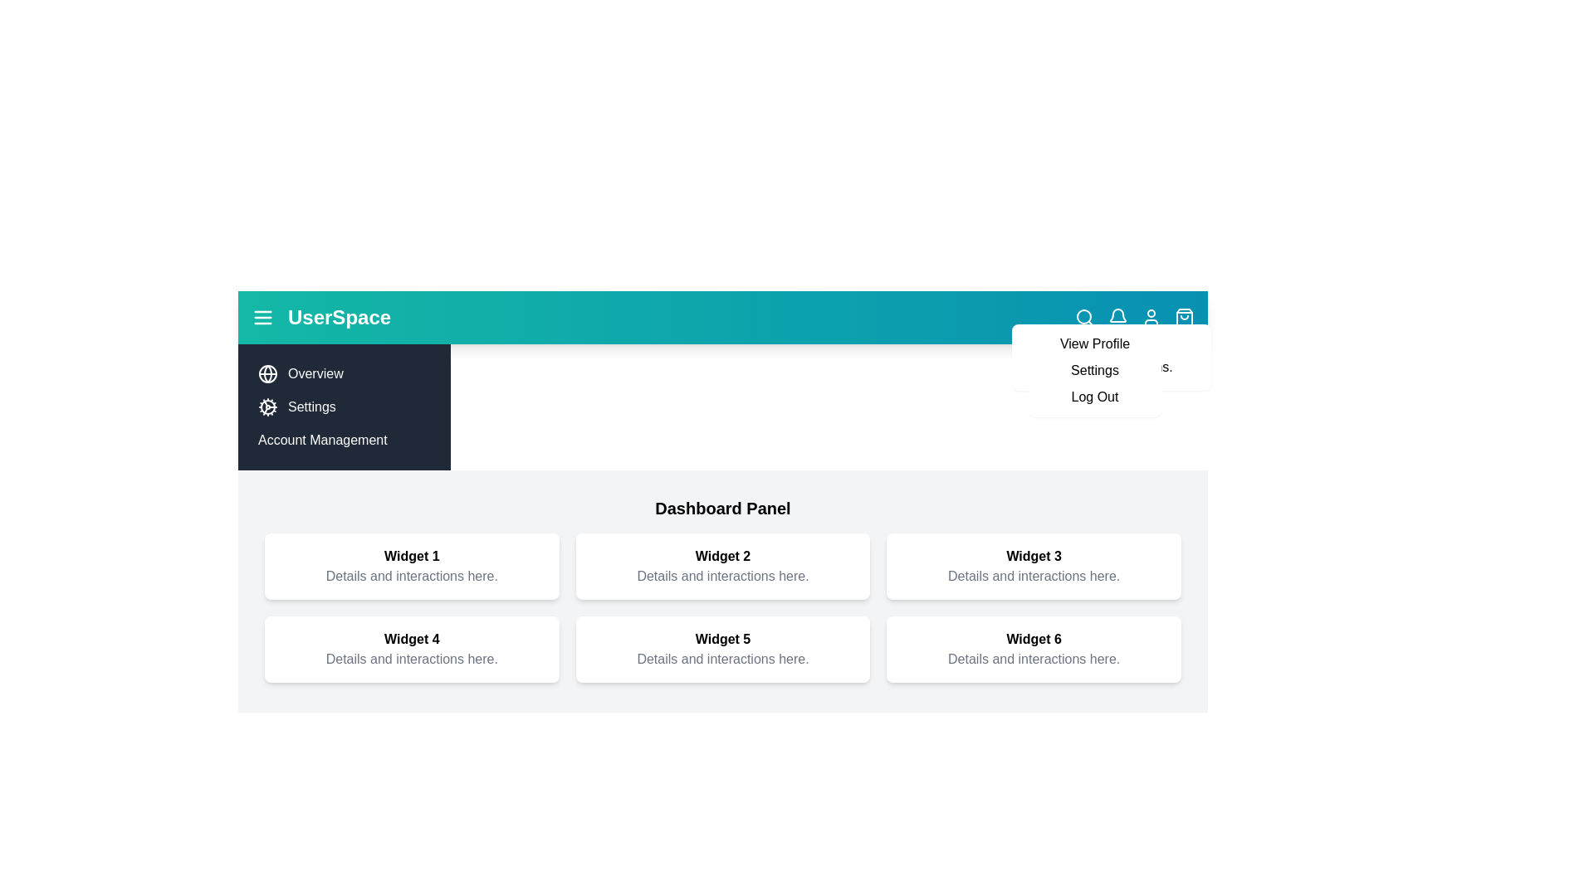 This screenshot has height=896, width=1594. I want to click on the informative Text label located in the second row, third column of the widget grid, which provides details about 'Widget 6', so click(1033, 658).